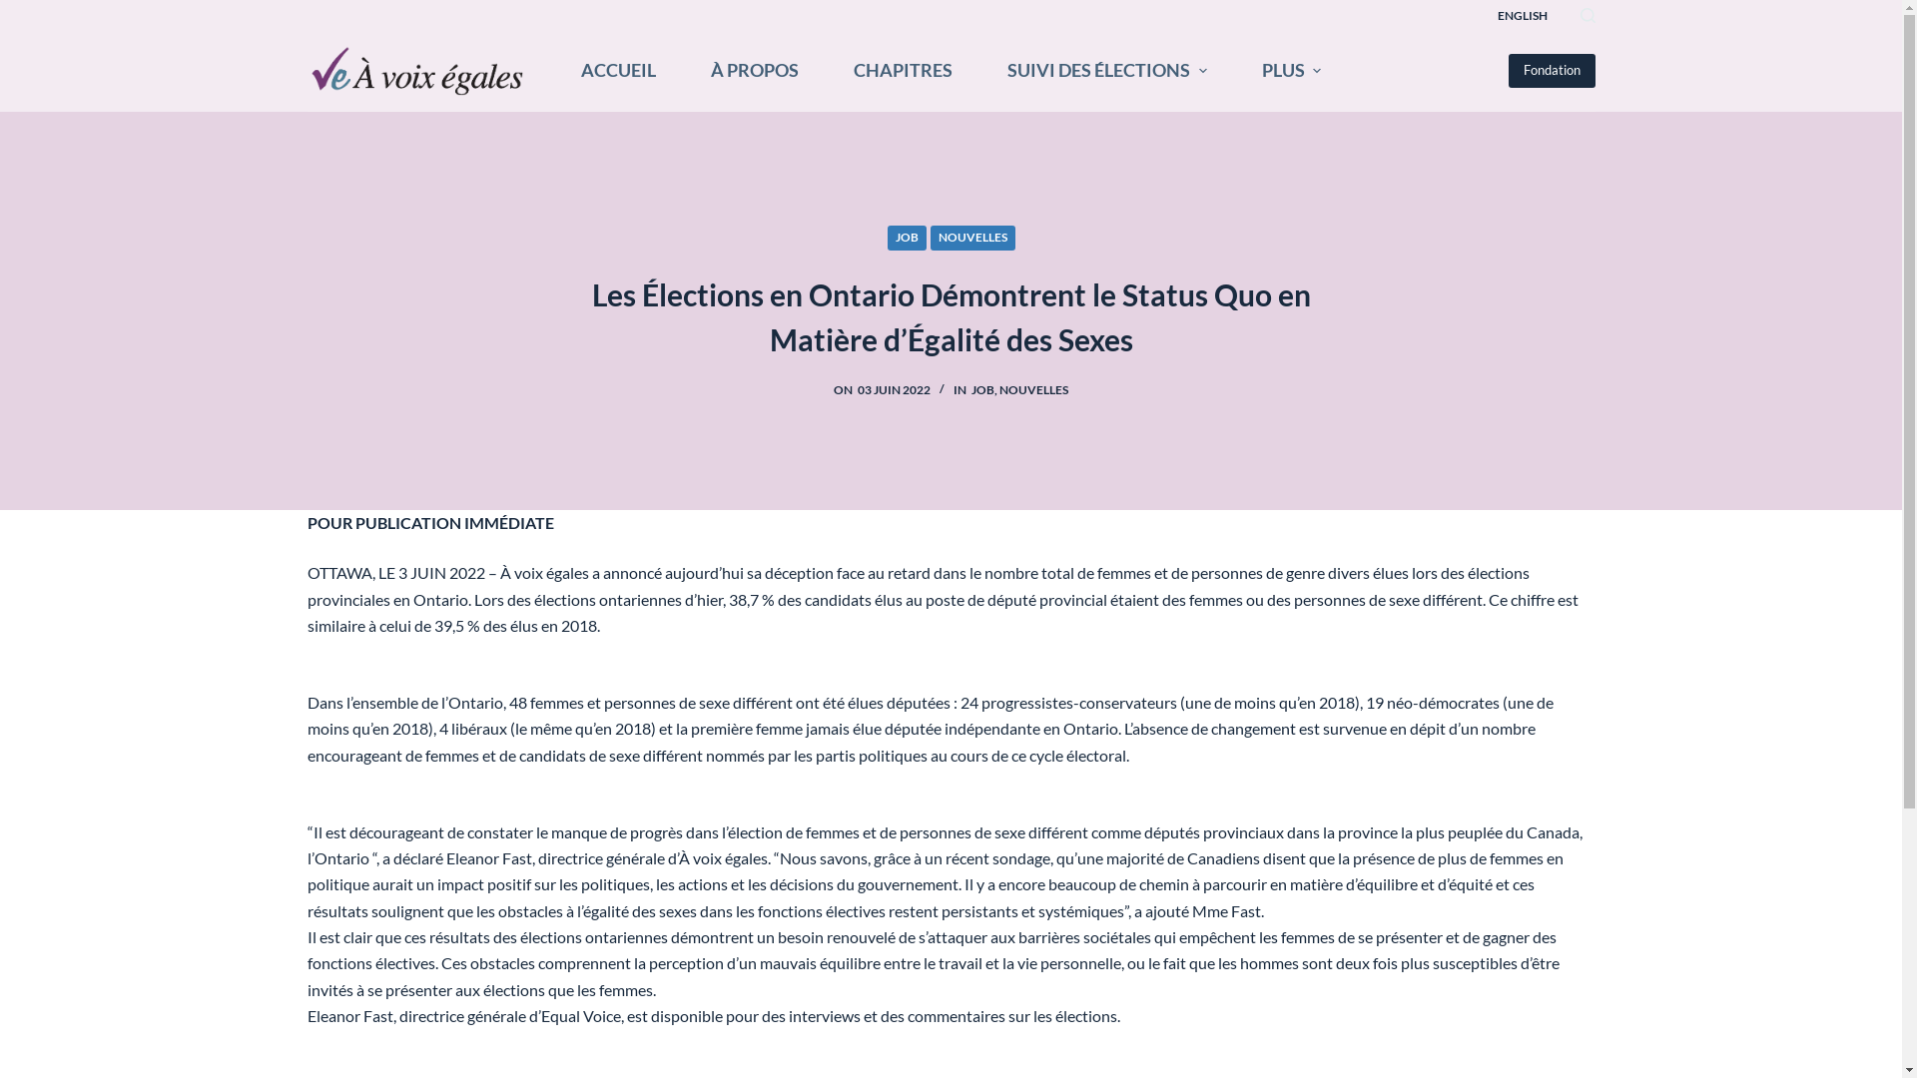 The image size is (1917, 1078). I want to click on 'JOB', so click(982, 389).